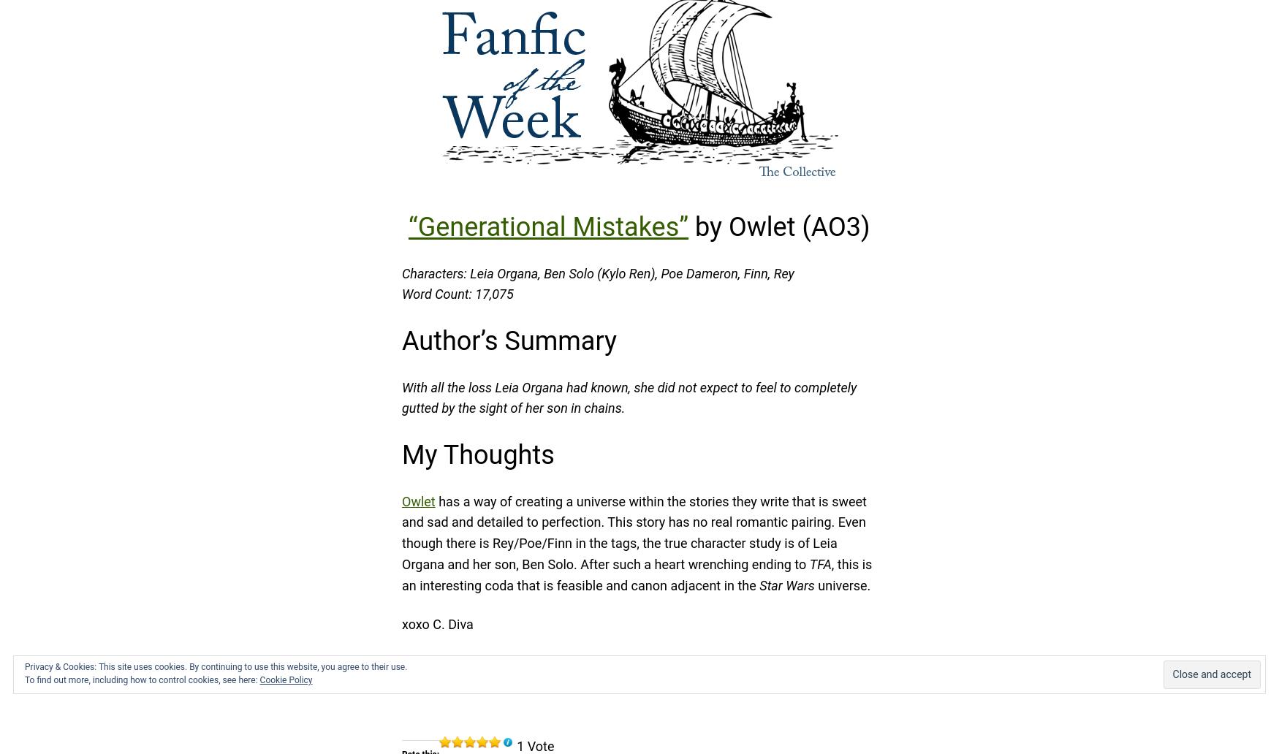 This screenshot has width=1279, height=754. Describe the element at coordinates (786, 584) in the screenshot. I see `'Star Wars'` at that location.